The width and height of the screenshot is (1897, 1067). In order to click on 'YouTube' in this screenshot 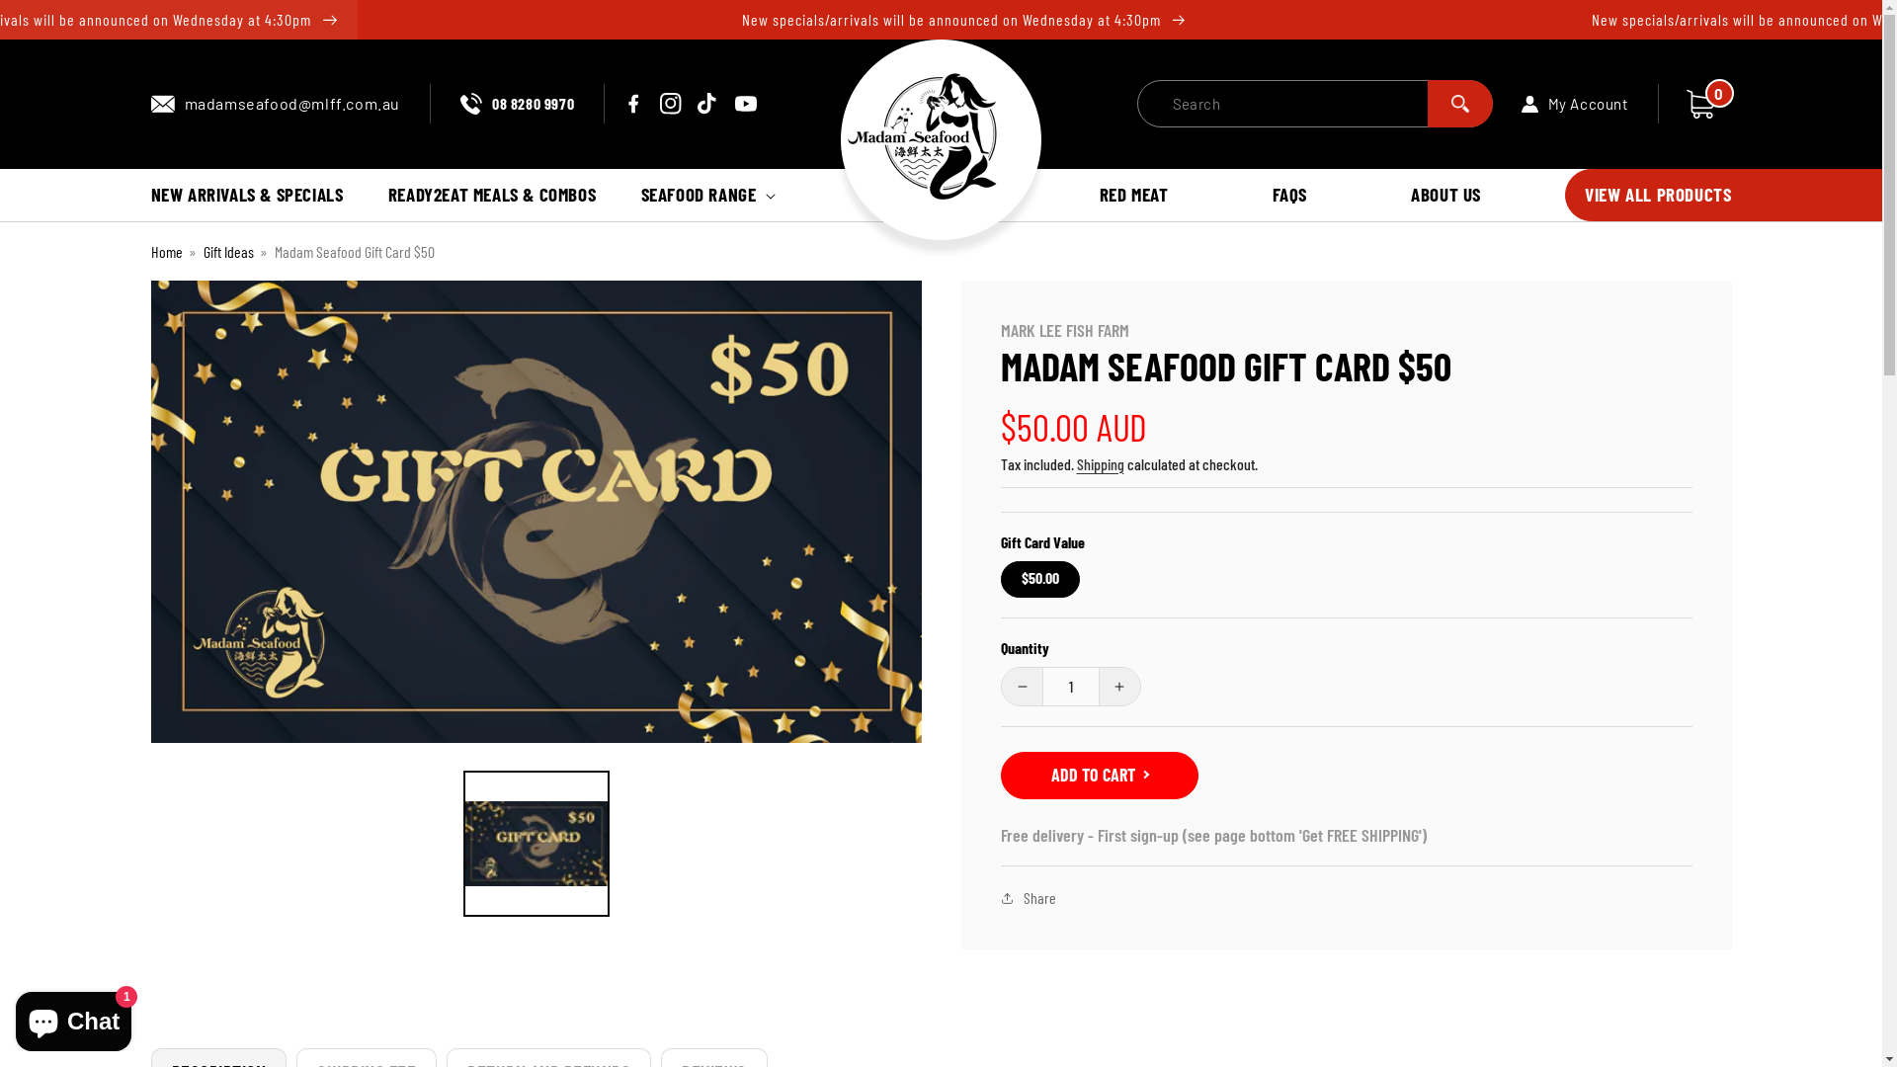, I will do `click(744, 103)`.